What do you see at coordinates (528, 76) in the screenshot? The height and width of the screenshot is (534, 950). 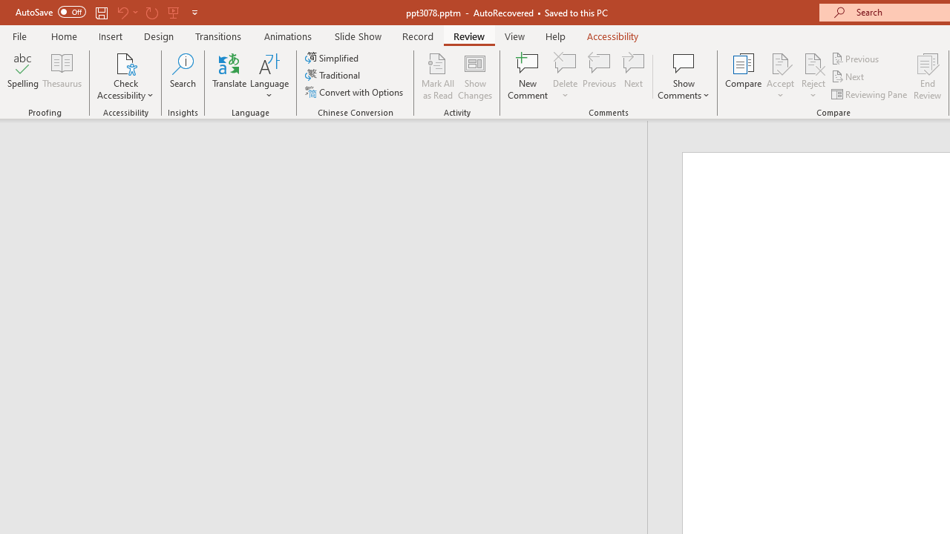 I see `'New Comment'` at bounding box center [528, 76].